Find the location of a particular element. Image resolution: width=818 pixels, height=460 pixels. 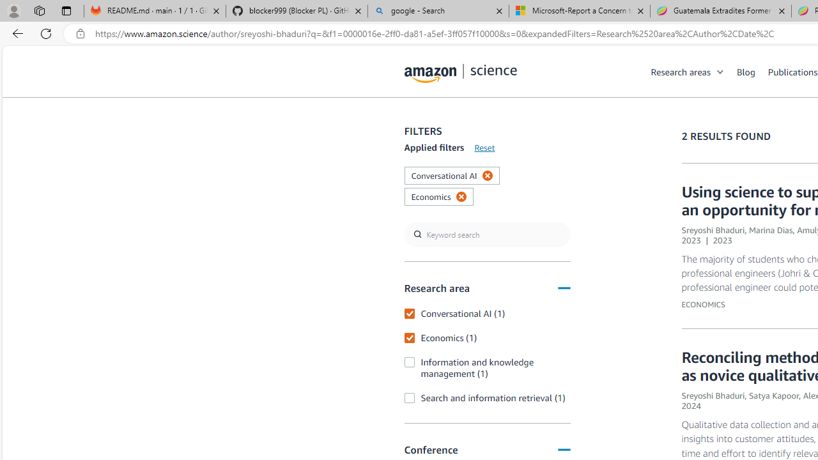

'amazon-science-logo.svg' is located at coordinates (460, 73).